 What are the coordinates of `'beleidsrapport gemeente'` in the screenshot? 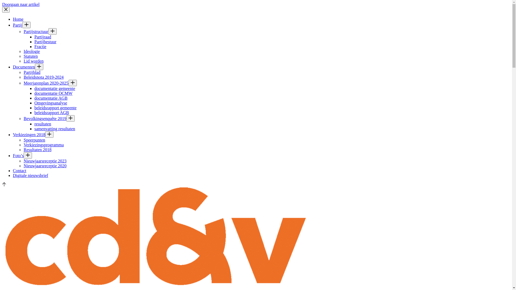 It's located at (55, 108).